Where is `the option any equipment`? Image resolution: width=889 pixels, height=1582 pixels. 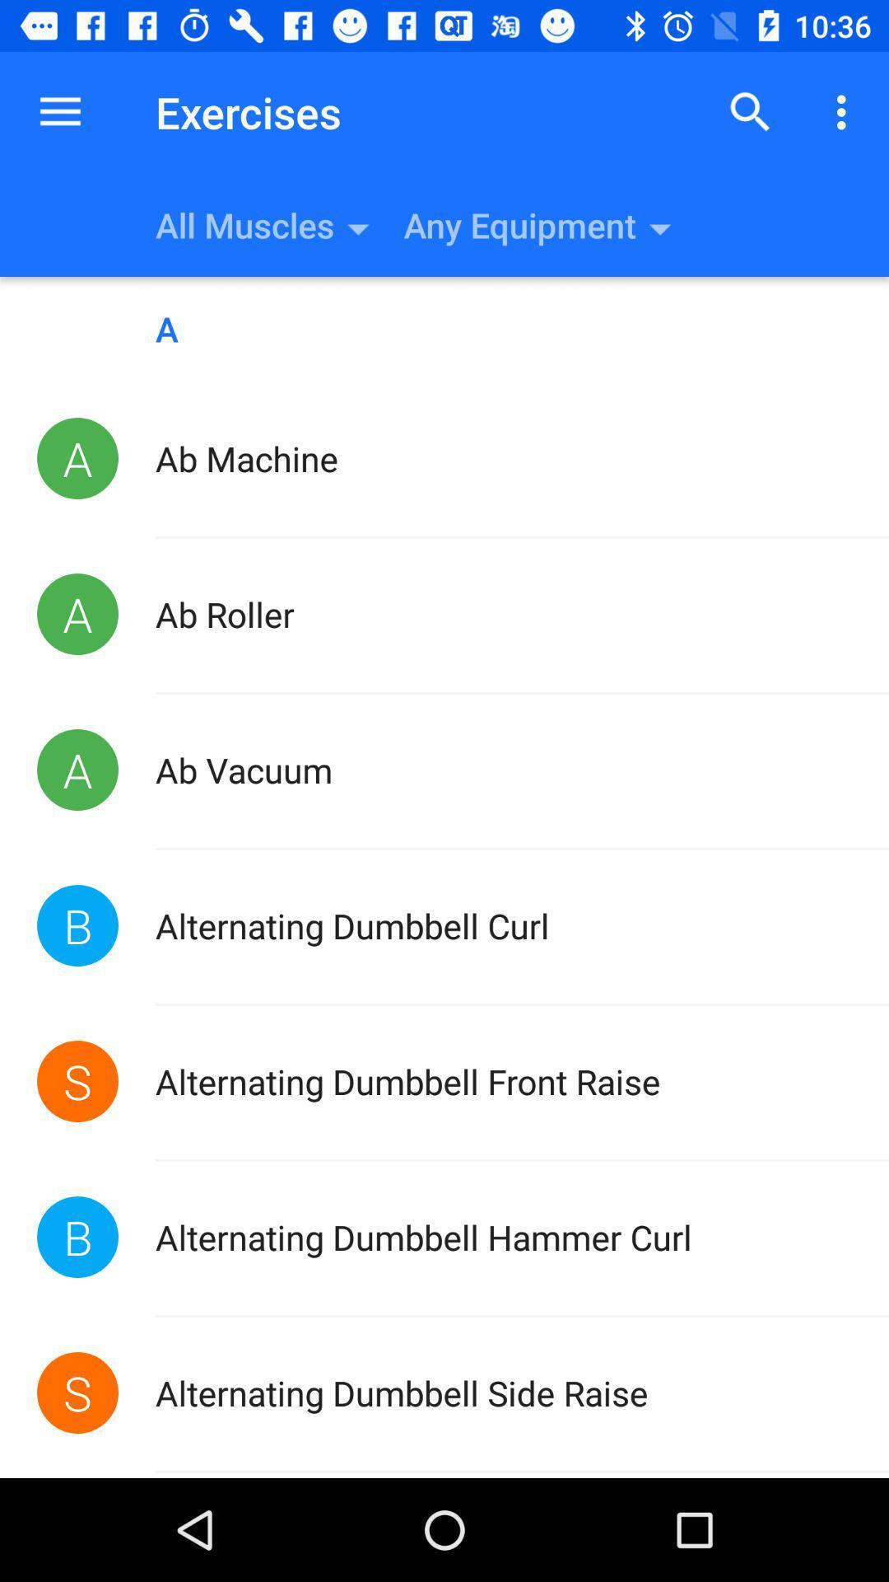
the option any equipment is located at coordinates (645, 224).